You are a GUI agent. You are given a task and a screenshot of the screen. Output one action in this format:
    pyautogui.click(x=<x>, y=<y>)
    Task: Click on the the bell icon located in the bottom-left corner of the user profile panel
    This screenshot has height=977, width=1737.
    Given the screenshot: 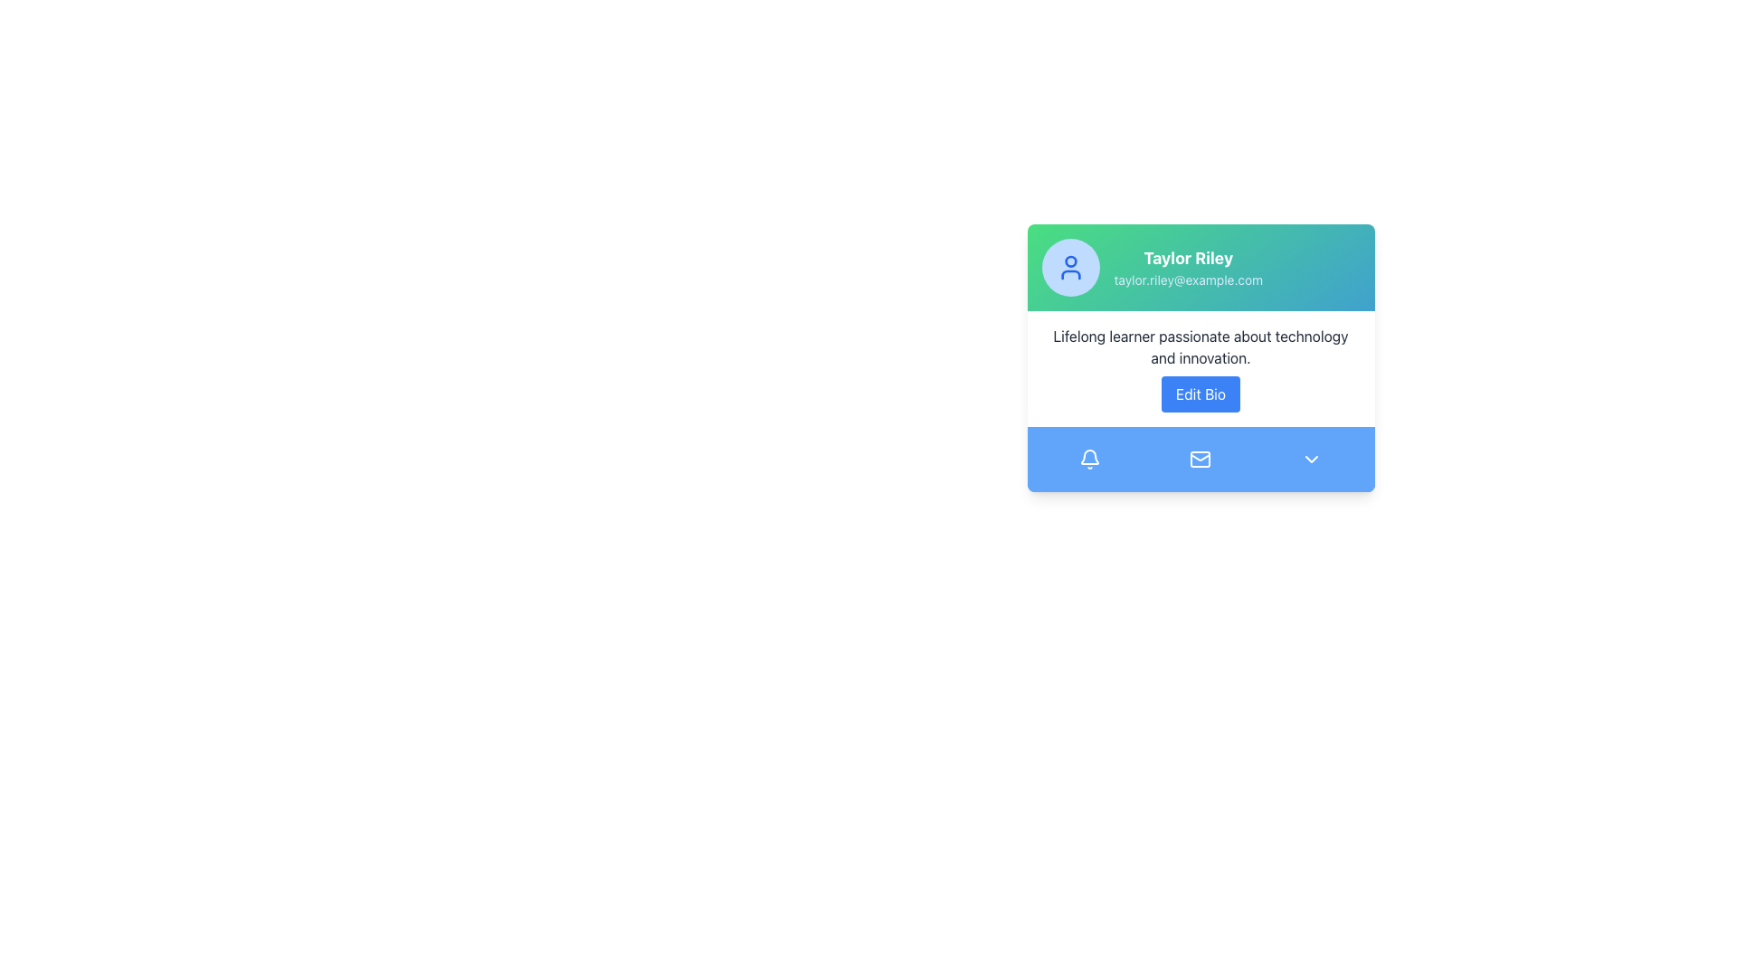 What is the action you would take?
    pyautogui.click(x=1088, y=459)
    